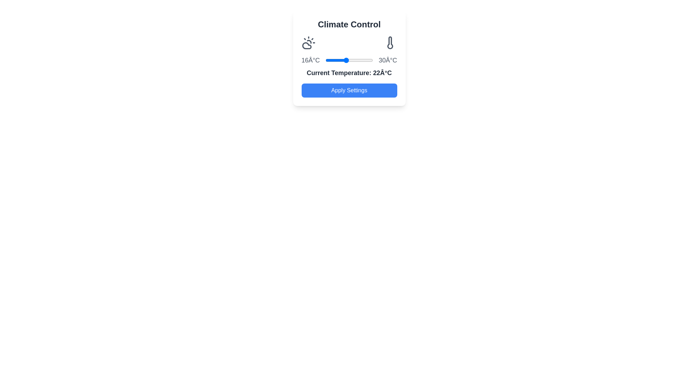  What do you see at coordinates (335, 60) in the screenshot?
I see `the temperature` at bounding box center [335, 60].